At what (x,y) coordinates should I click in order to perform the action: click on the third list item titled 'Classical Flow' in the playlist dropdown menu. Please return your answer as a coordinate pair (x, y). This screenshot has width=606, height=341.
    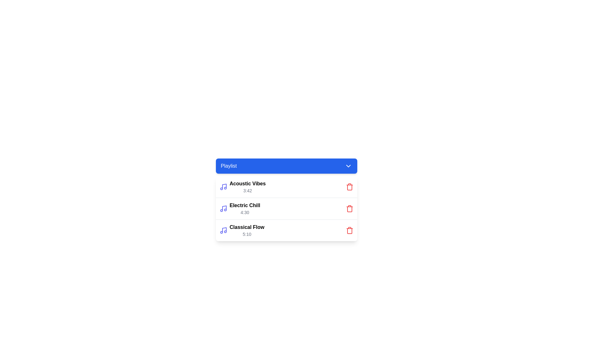
    Looking at the image, I should click on (286, 230).